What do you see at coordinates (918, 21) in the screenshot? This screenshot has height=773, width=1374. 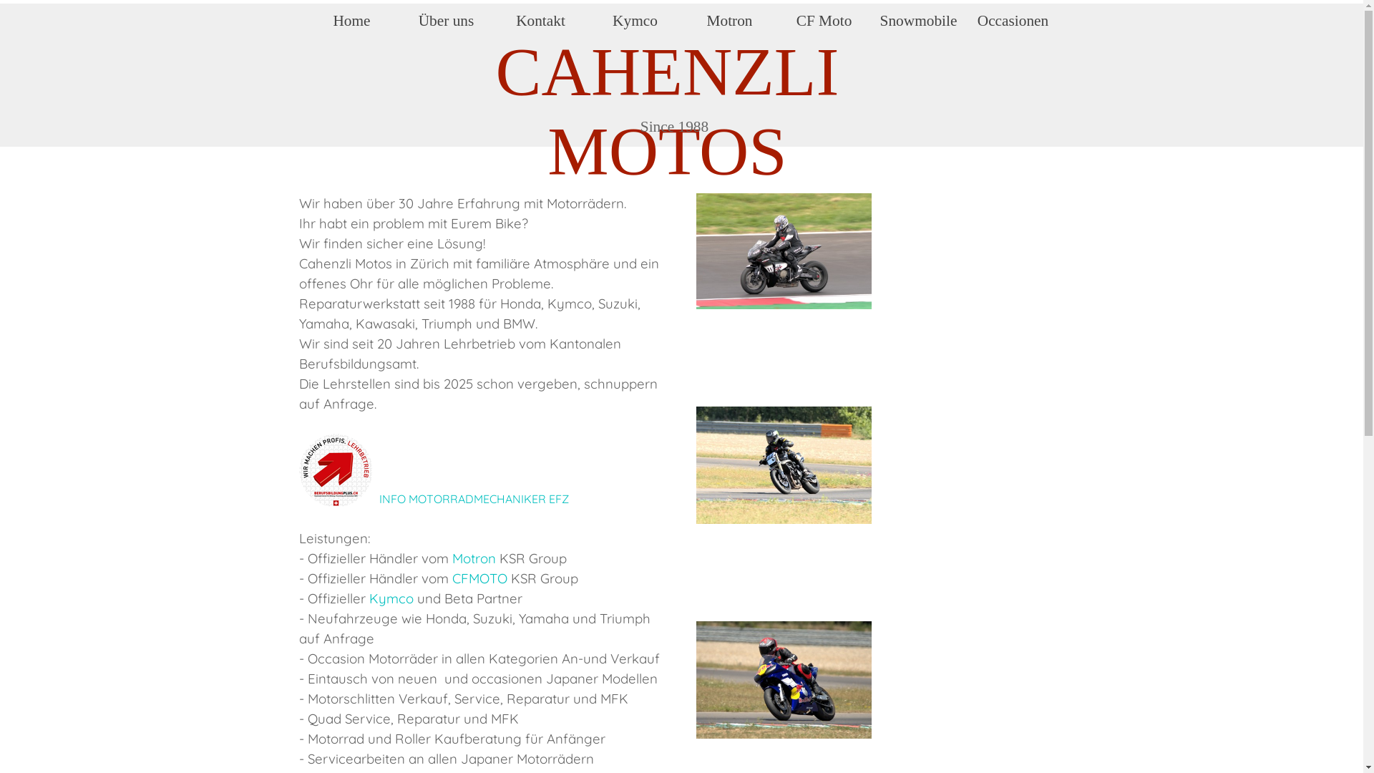 I see `'Snowmobile'` at bounding box center [918, 21].